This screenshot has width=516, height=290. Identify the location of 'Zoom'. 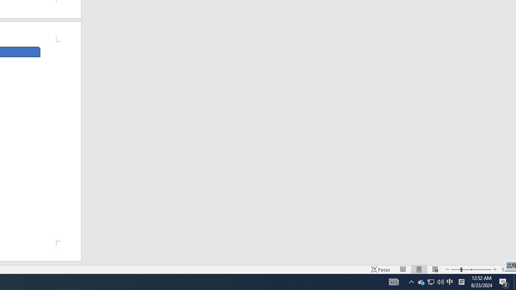
(471, 269).